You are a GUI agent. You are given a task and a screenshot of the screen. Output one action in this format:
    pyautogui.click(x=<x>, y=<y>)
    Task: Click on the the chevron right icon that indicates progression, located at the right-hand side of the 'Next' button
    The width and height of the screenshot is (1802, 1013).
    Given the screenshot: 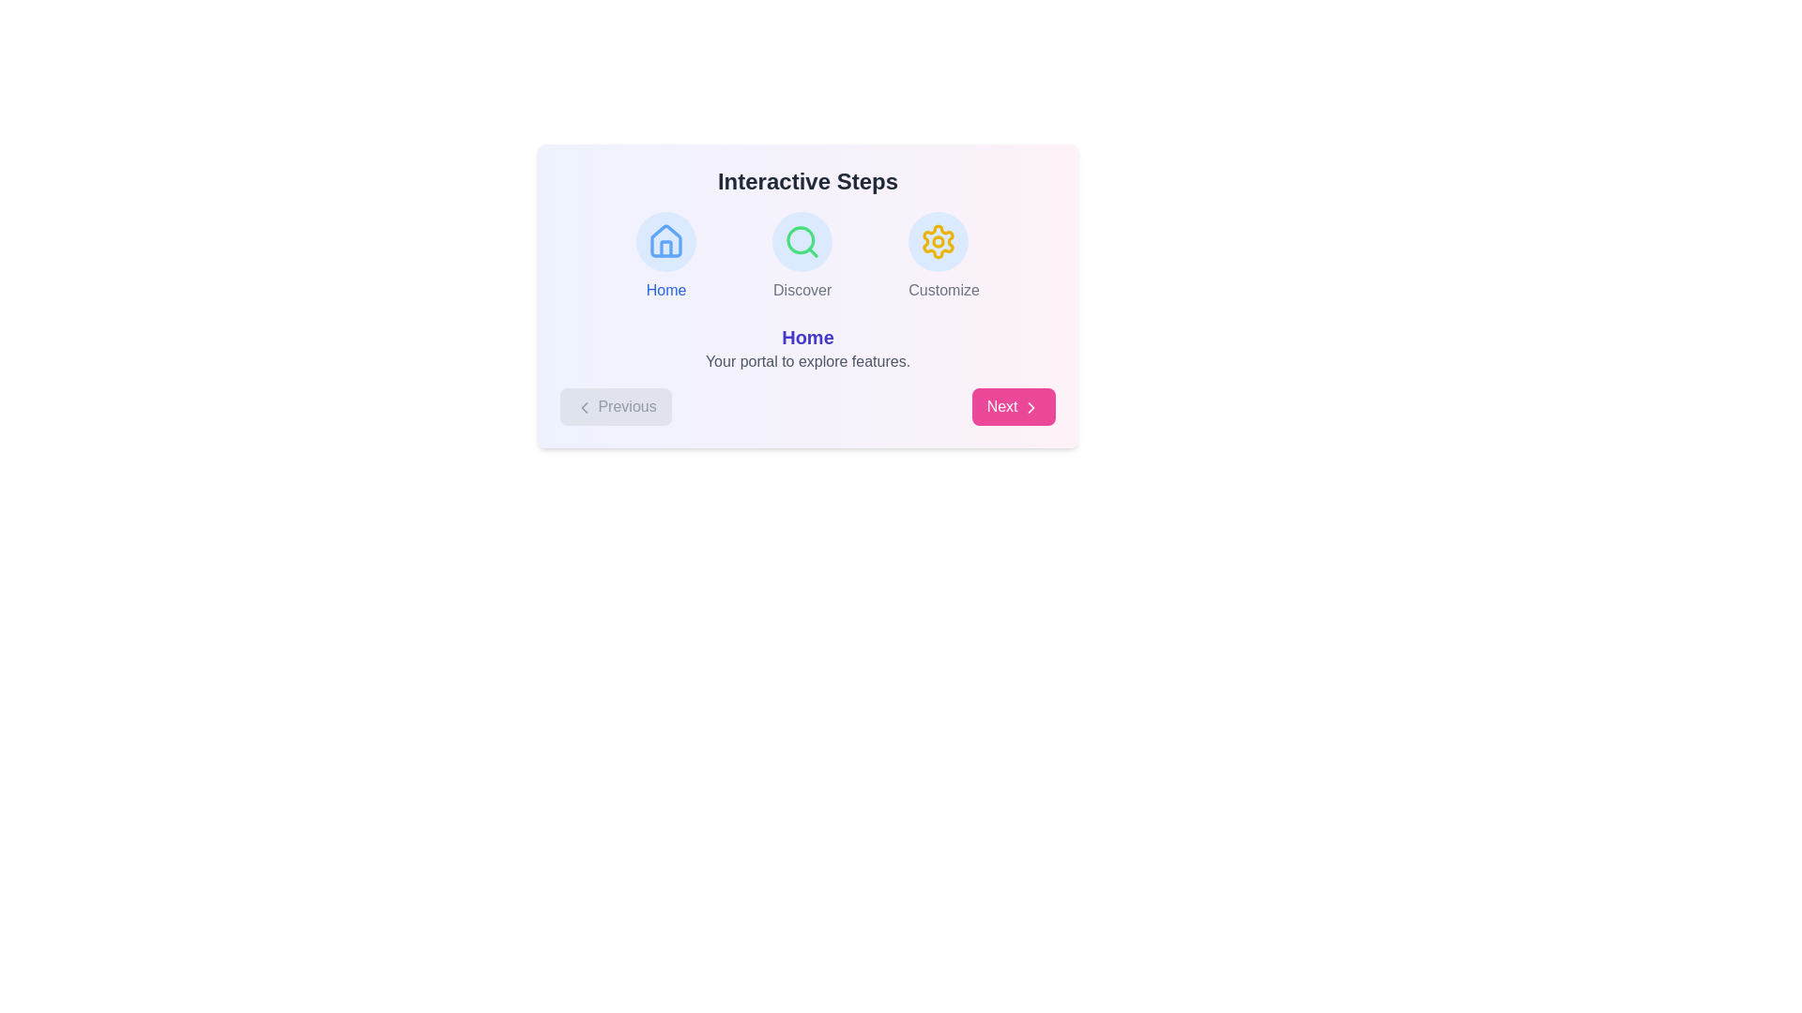 What is the action you would take?
    pyautogui.click(x=1031, y=406)
    